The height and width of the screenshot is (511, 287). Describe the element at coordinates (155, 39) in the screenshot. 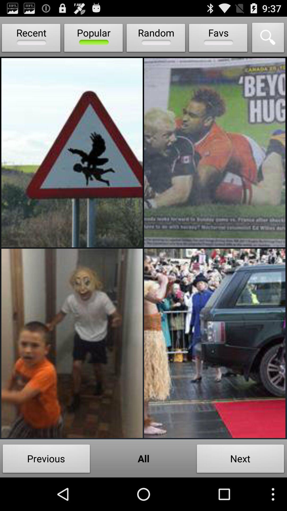

I see `icon next to the favs` at that location.